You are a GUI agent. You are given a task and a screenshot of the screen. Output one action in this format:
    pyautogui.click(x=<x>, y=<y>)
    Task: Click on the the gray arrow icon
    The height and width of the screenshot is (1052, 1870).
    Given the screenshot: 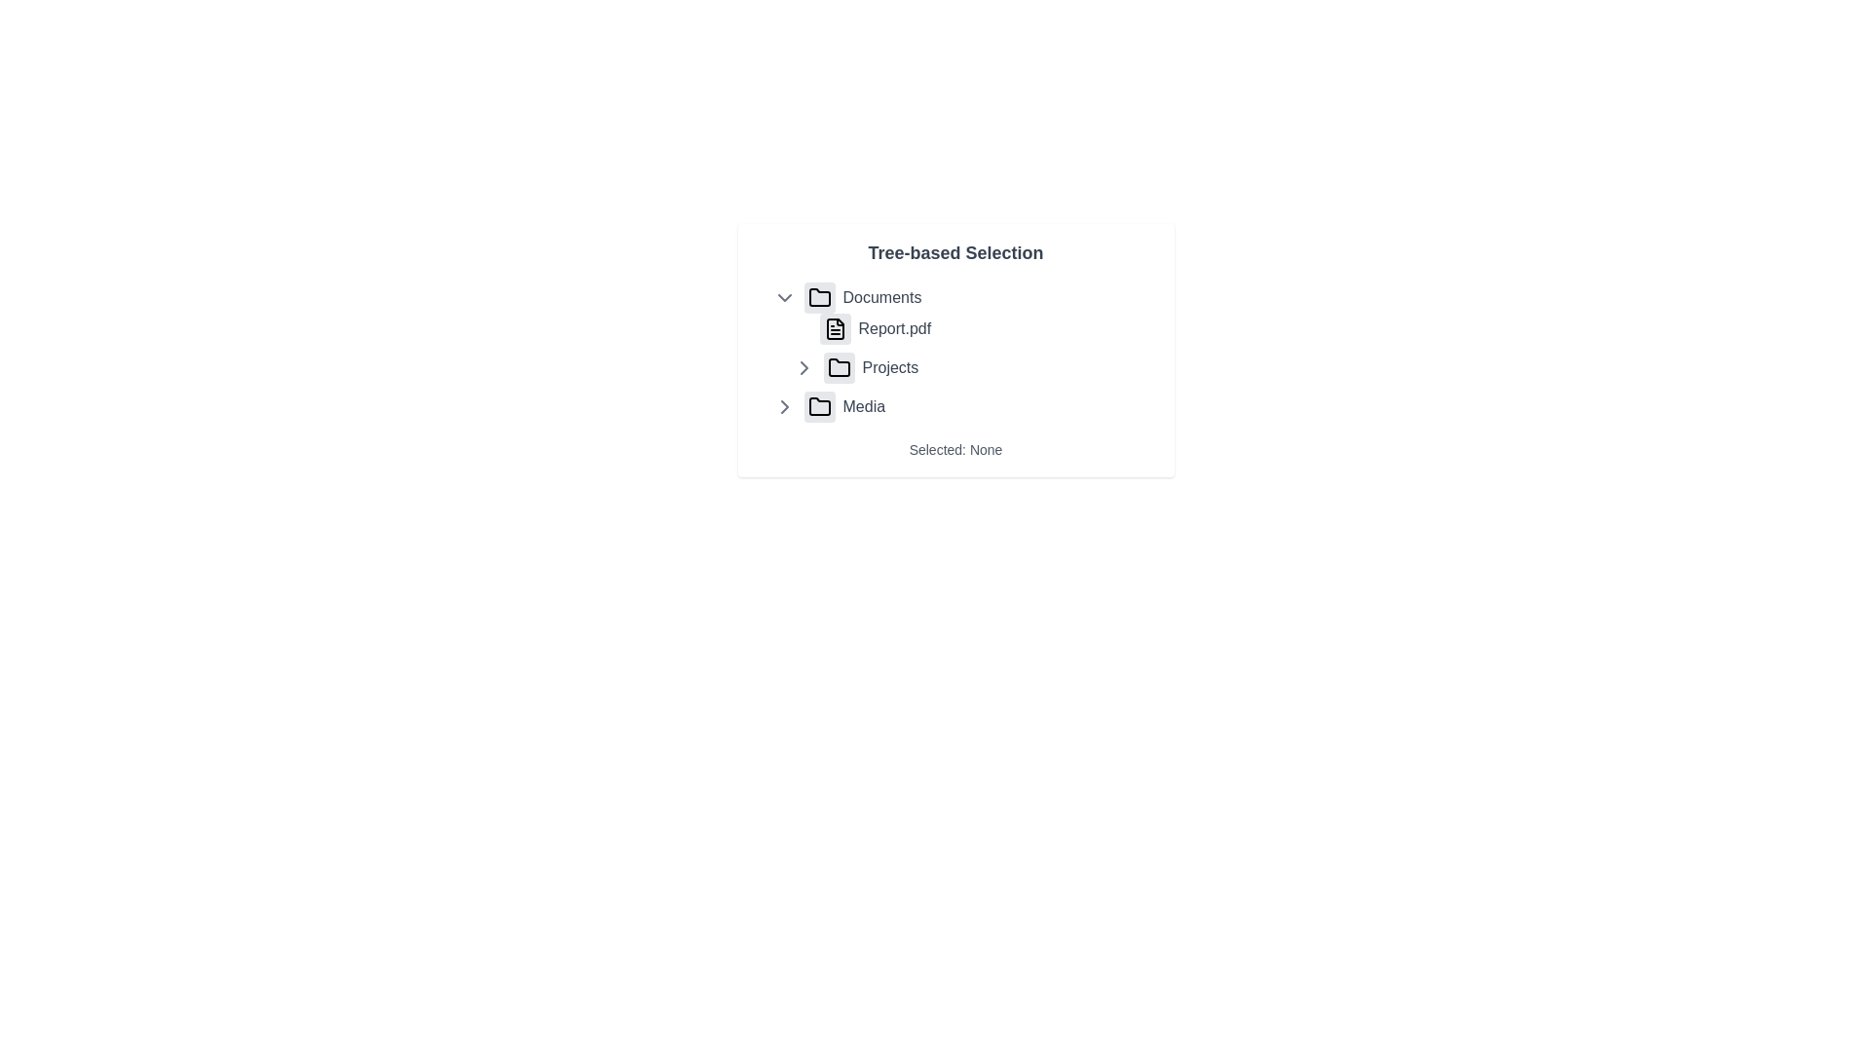 What is the action you would take?
    pyautogui.click(x=804, y=368)
    